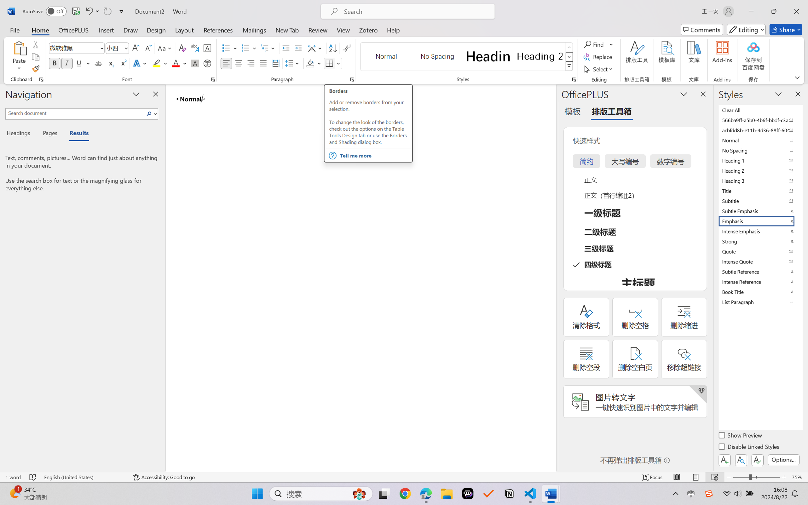 This screenshot has width=808, height=505. Describe the element at coordinates (77, 48) in the screenshot. I see `'Font'` at that location.